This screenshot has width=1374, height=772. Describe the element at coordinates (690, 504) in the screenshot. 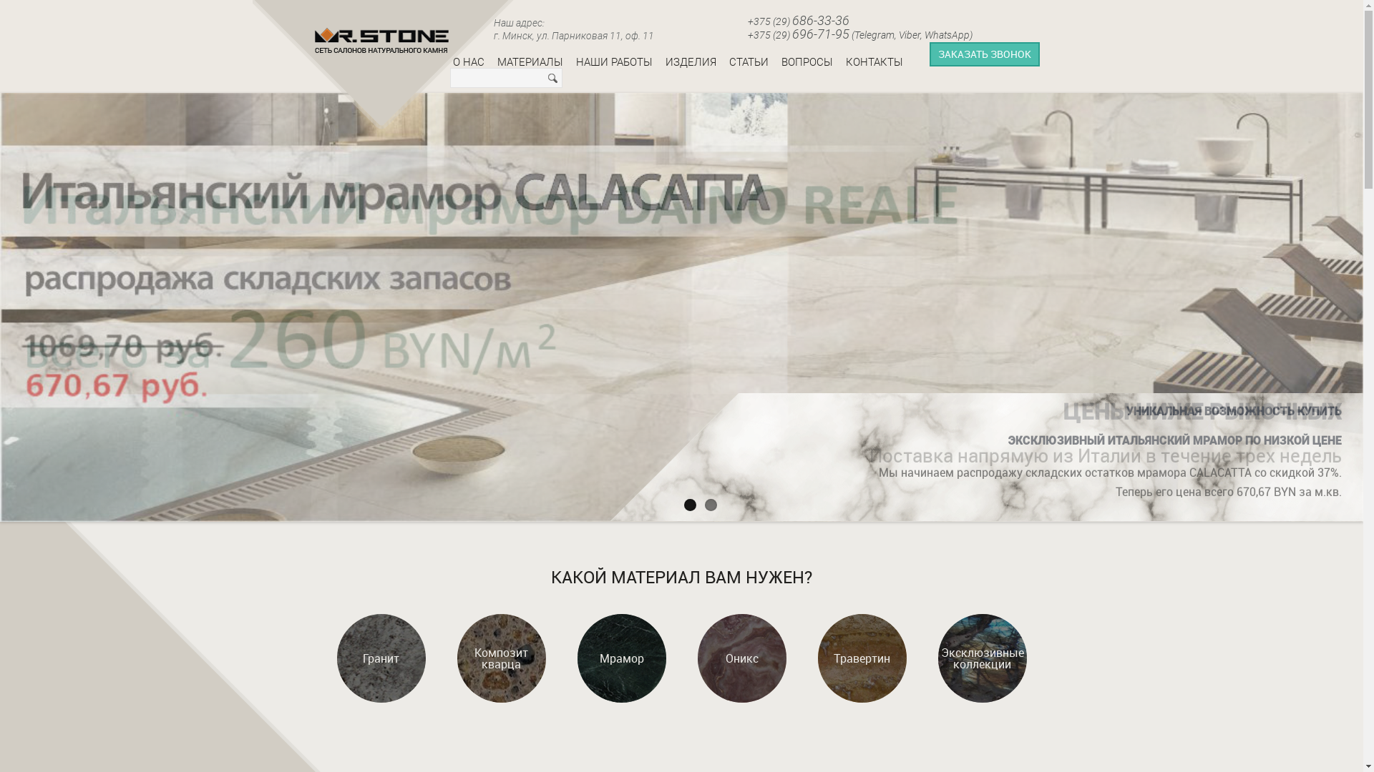

I see `'1'` at that location.